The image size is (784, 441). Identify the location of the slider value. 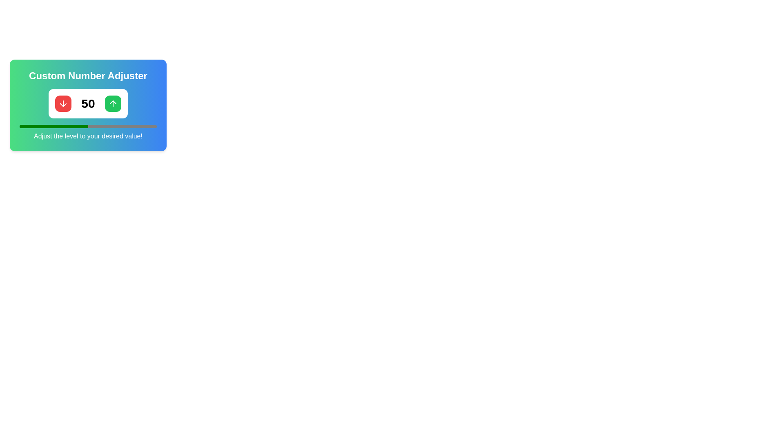
(29, 126).